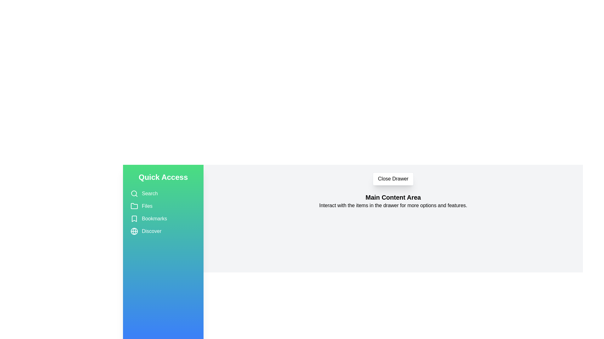  What do you see at coordinates (163, 206) in the screenshot?
I see `the item Files in the drawer to select it` at bounding box center [163, 206].